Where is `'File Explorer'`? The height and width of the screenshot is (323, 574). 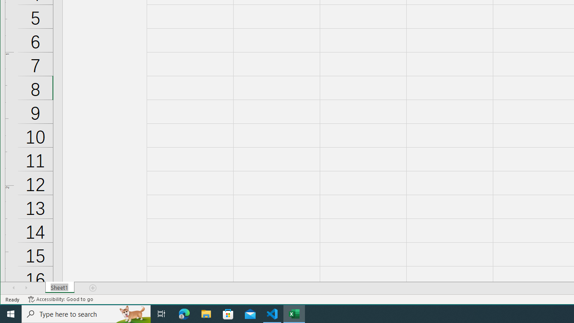
'File Explorer' is located at coordinates (206, 313).